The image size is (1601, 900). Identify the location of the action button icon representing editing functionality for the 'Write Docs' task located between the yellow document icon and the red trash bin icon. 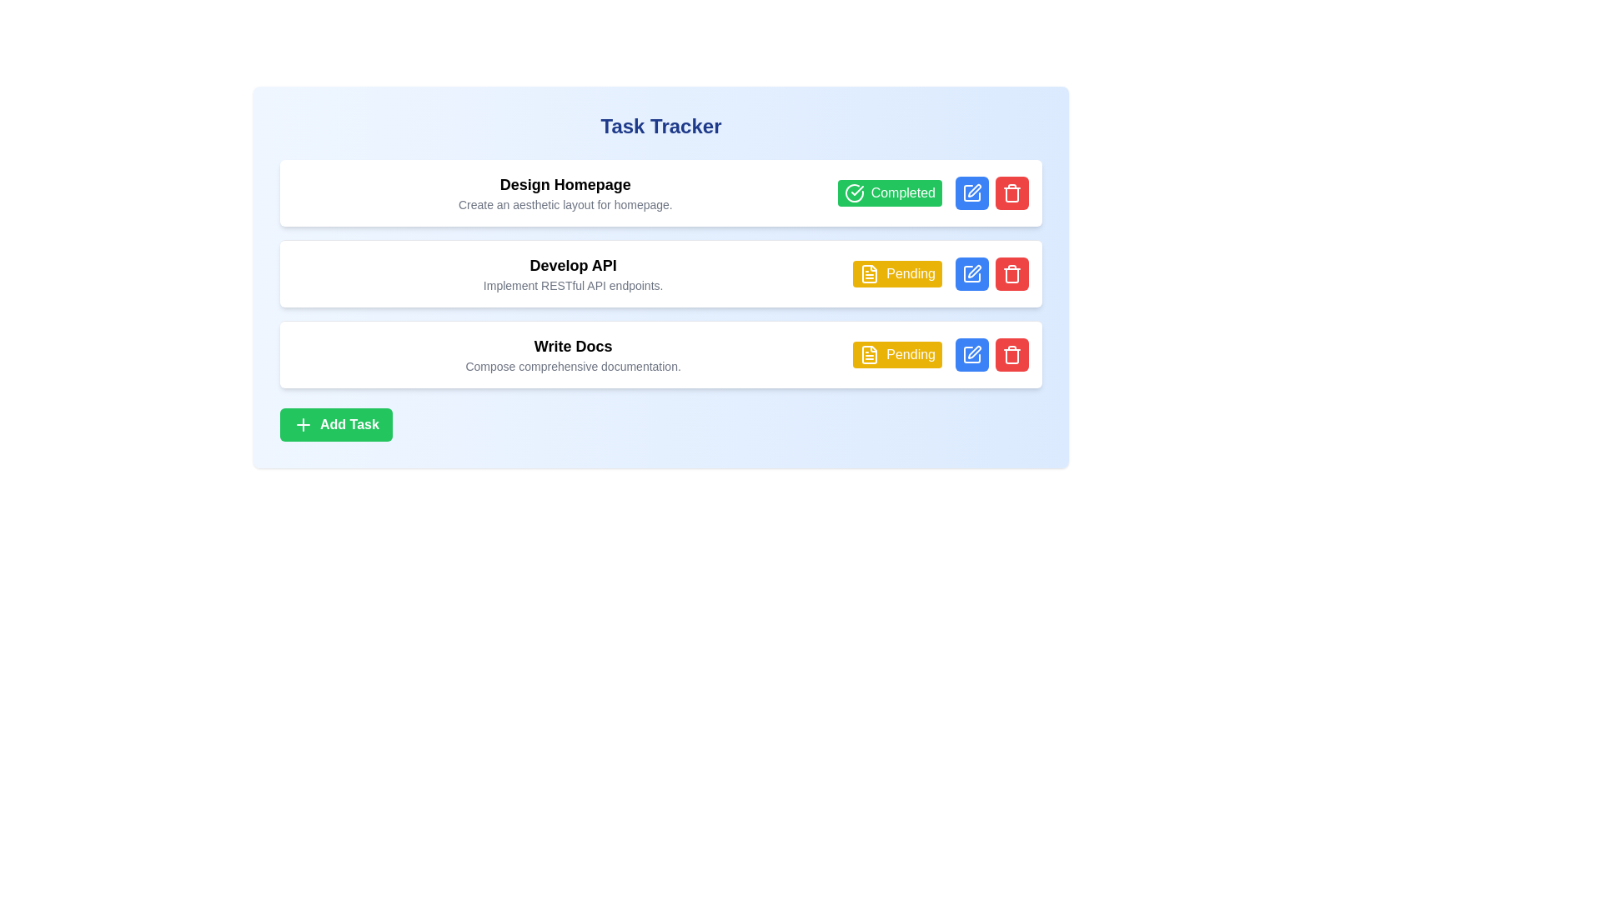
(975, 352).